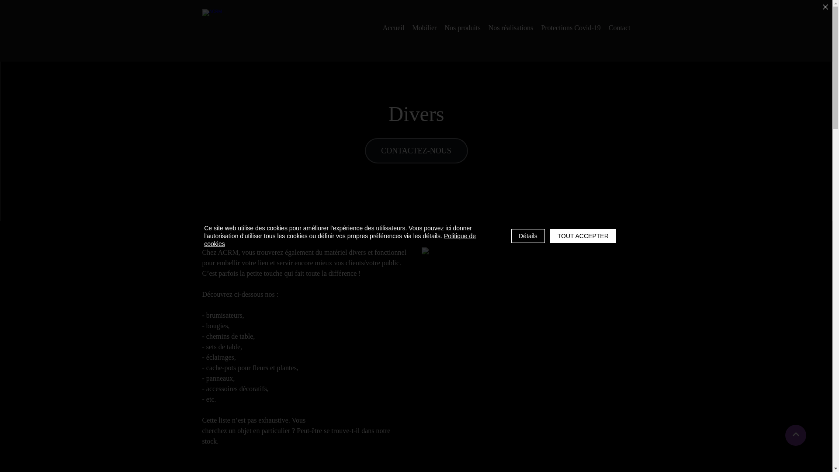 This screenshot has width=839, height=472. What do you see at coordinates (619, 28) in the screenshot?
I see `'Contact'` at bounding box center [619, 28].